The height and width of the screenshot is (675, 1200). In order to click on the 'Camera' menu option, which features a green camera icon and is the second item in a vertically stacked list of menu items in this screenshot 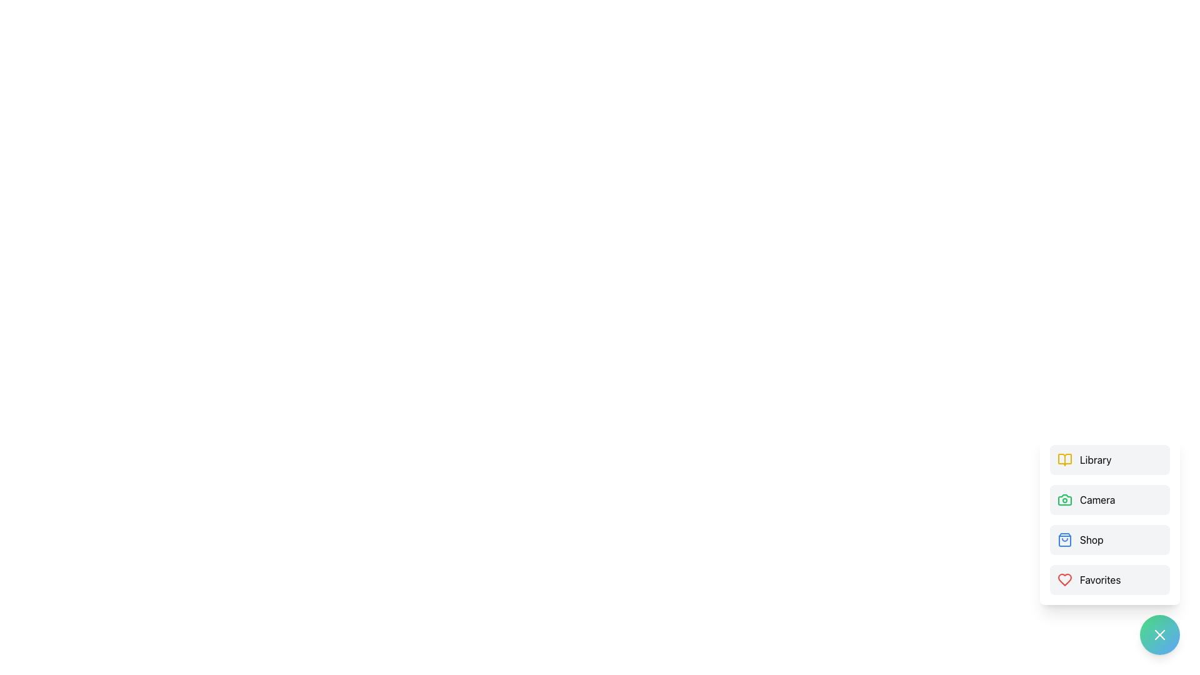, I will do `click(1110, 499)`.